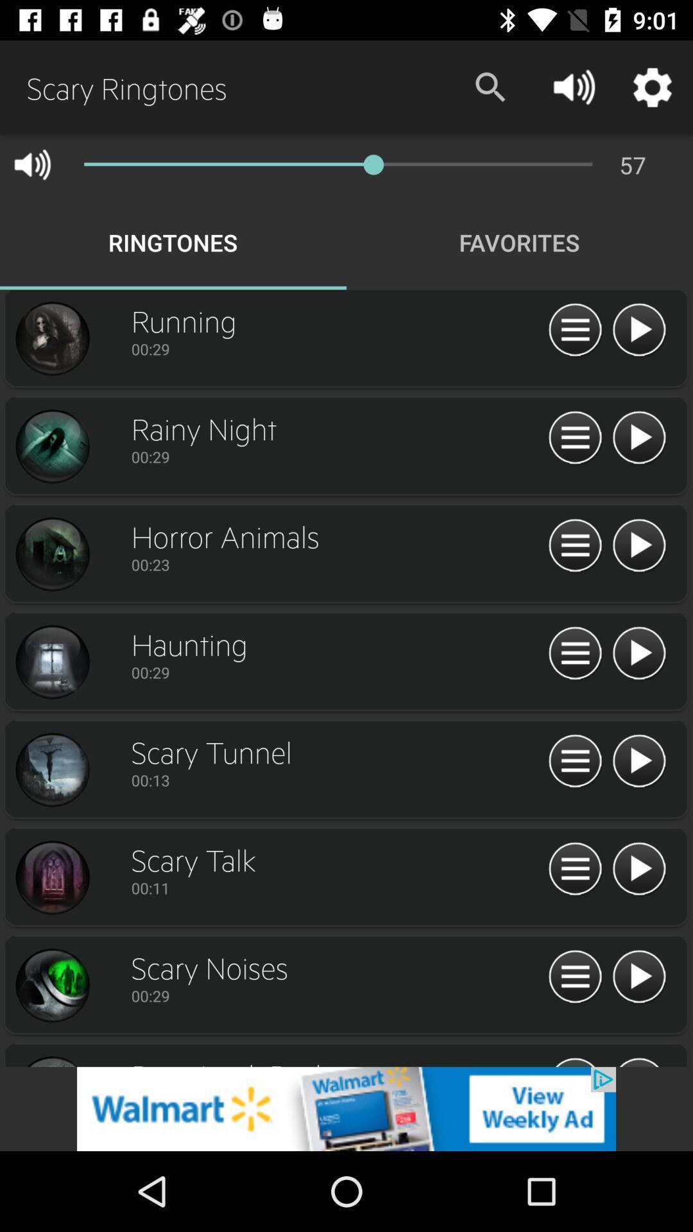 The height and width of the screenshot is (1232, 693). I want to click on option, so click(638, 977).